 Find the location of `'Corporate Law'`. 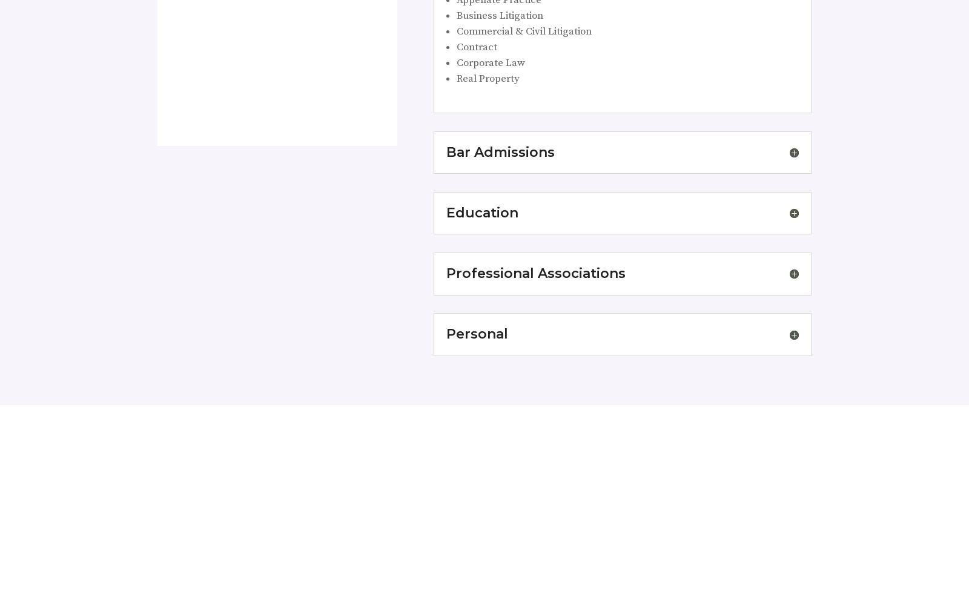

'Corporate Law' is located at coordinates (489, 62).